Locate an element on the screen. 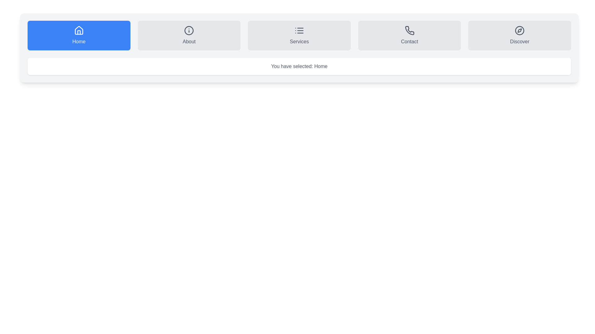  the house-shaped icon representing the 'Home' button in the top-left section of the navigation bar is located at coordinates (78, 30).